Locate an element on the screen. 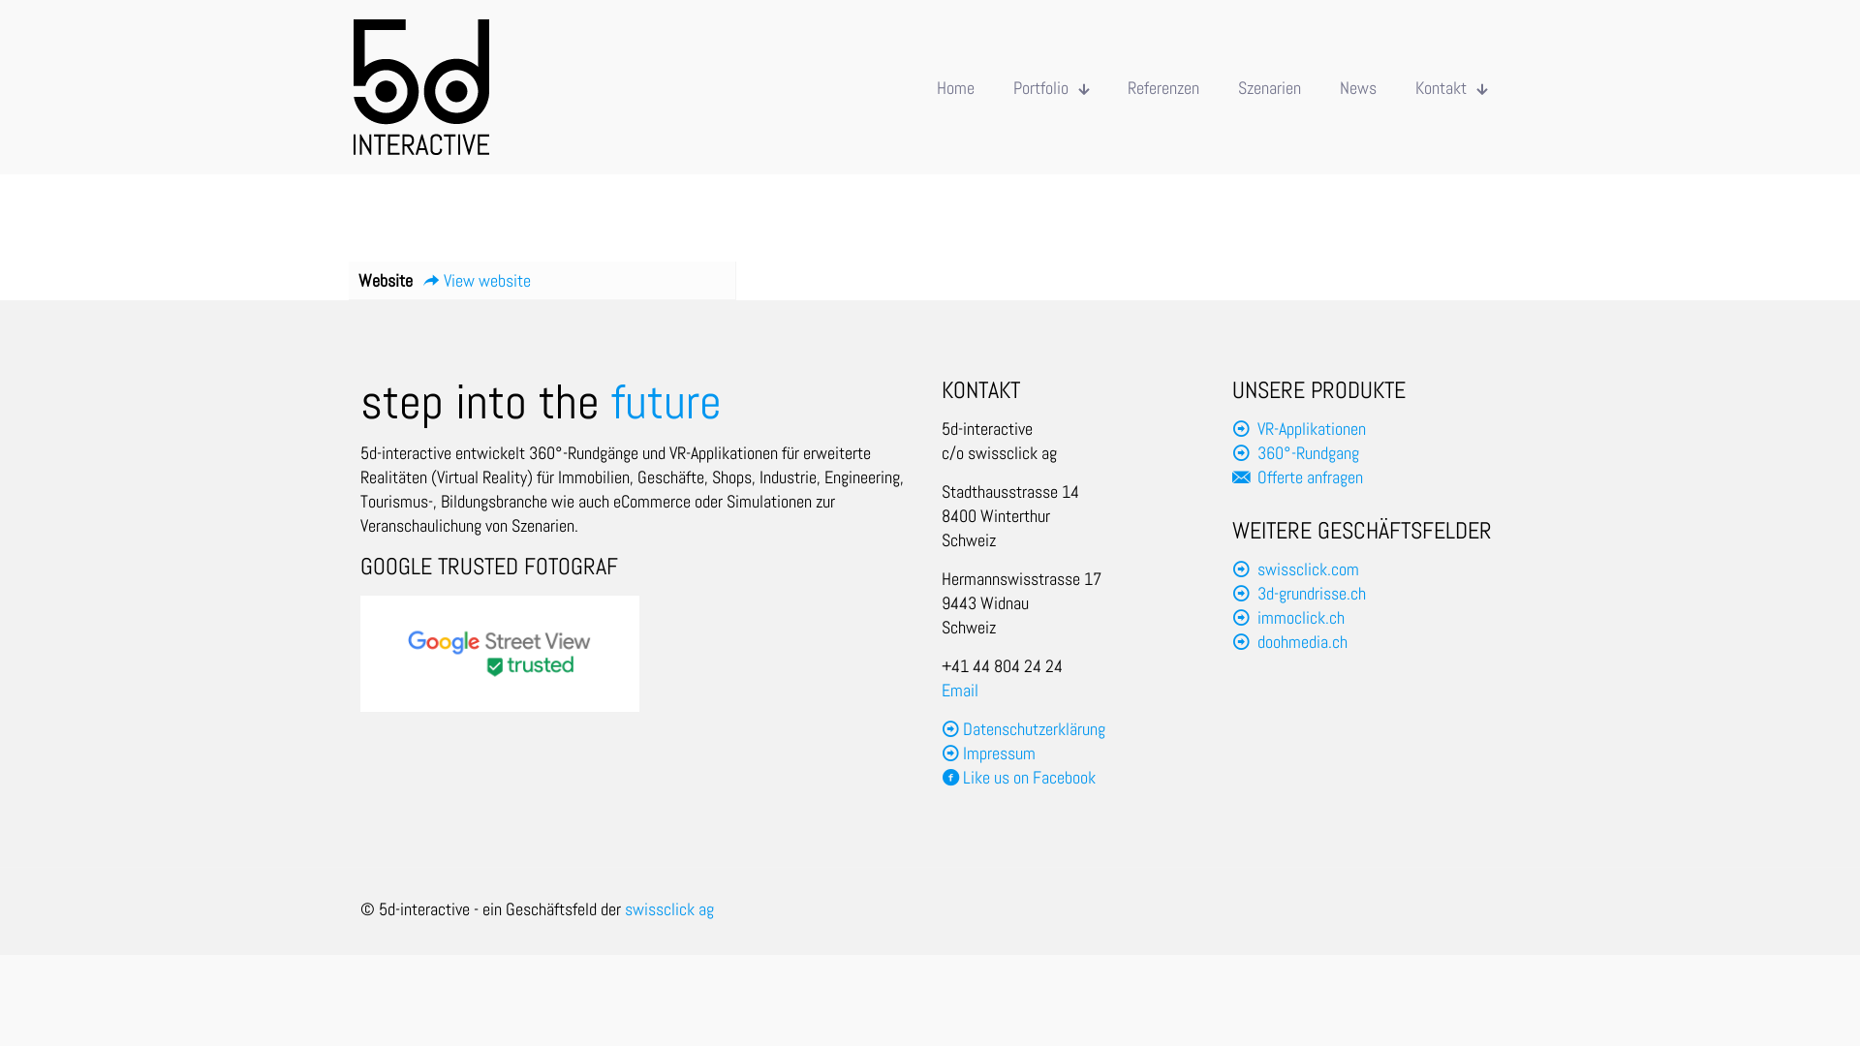 The width and height of the screenshot is (1860, 1046). 'VR-Applikationen' is located at coordinates (1256, 427).